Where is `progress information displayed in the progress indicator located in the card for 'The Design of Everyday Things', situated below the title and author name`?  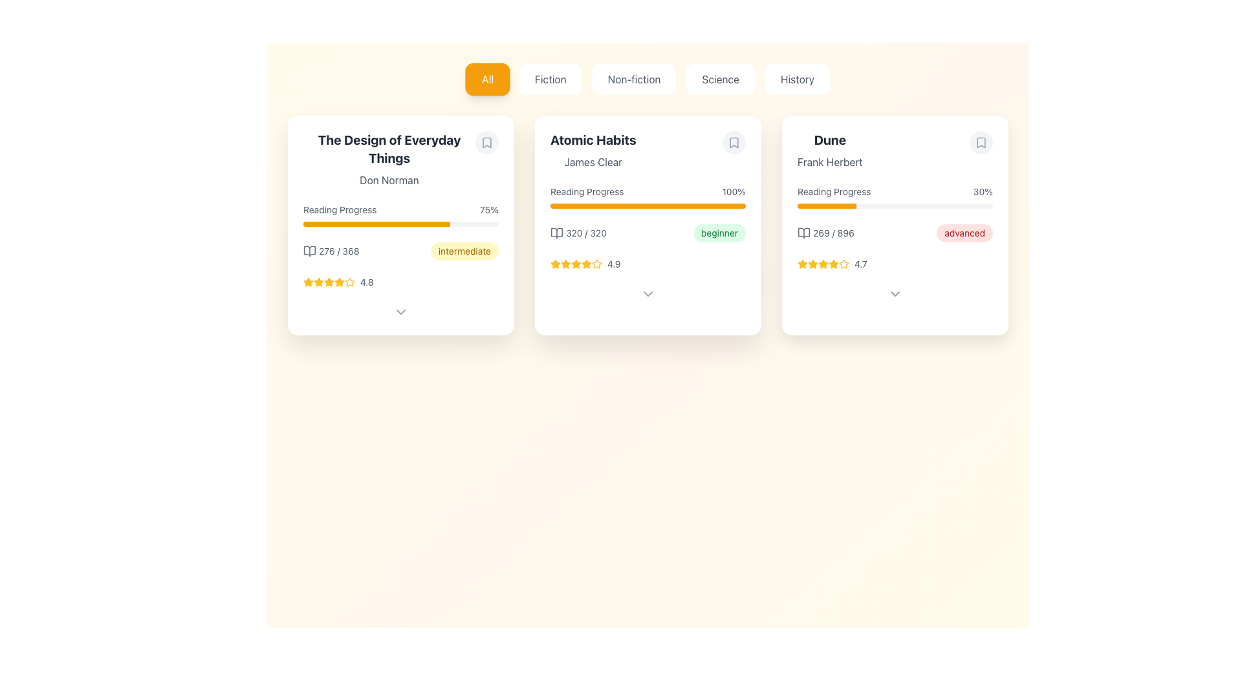
progress information displayed in the progress indicator located in the card for 'The Design of Everyday Things', situated below the title and author name is located at coordinates (400, 214).